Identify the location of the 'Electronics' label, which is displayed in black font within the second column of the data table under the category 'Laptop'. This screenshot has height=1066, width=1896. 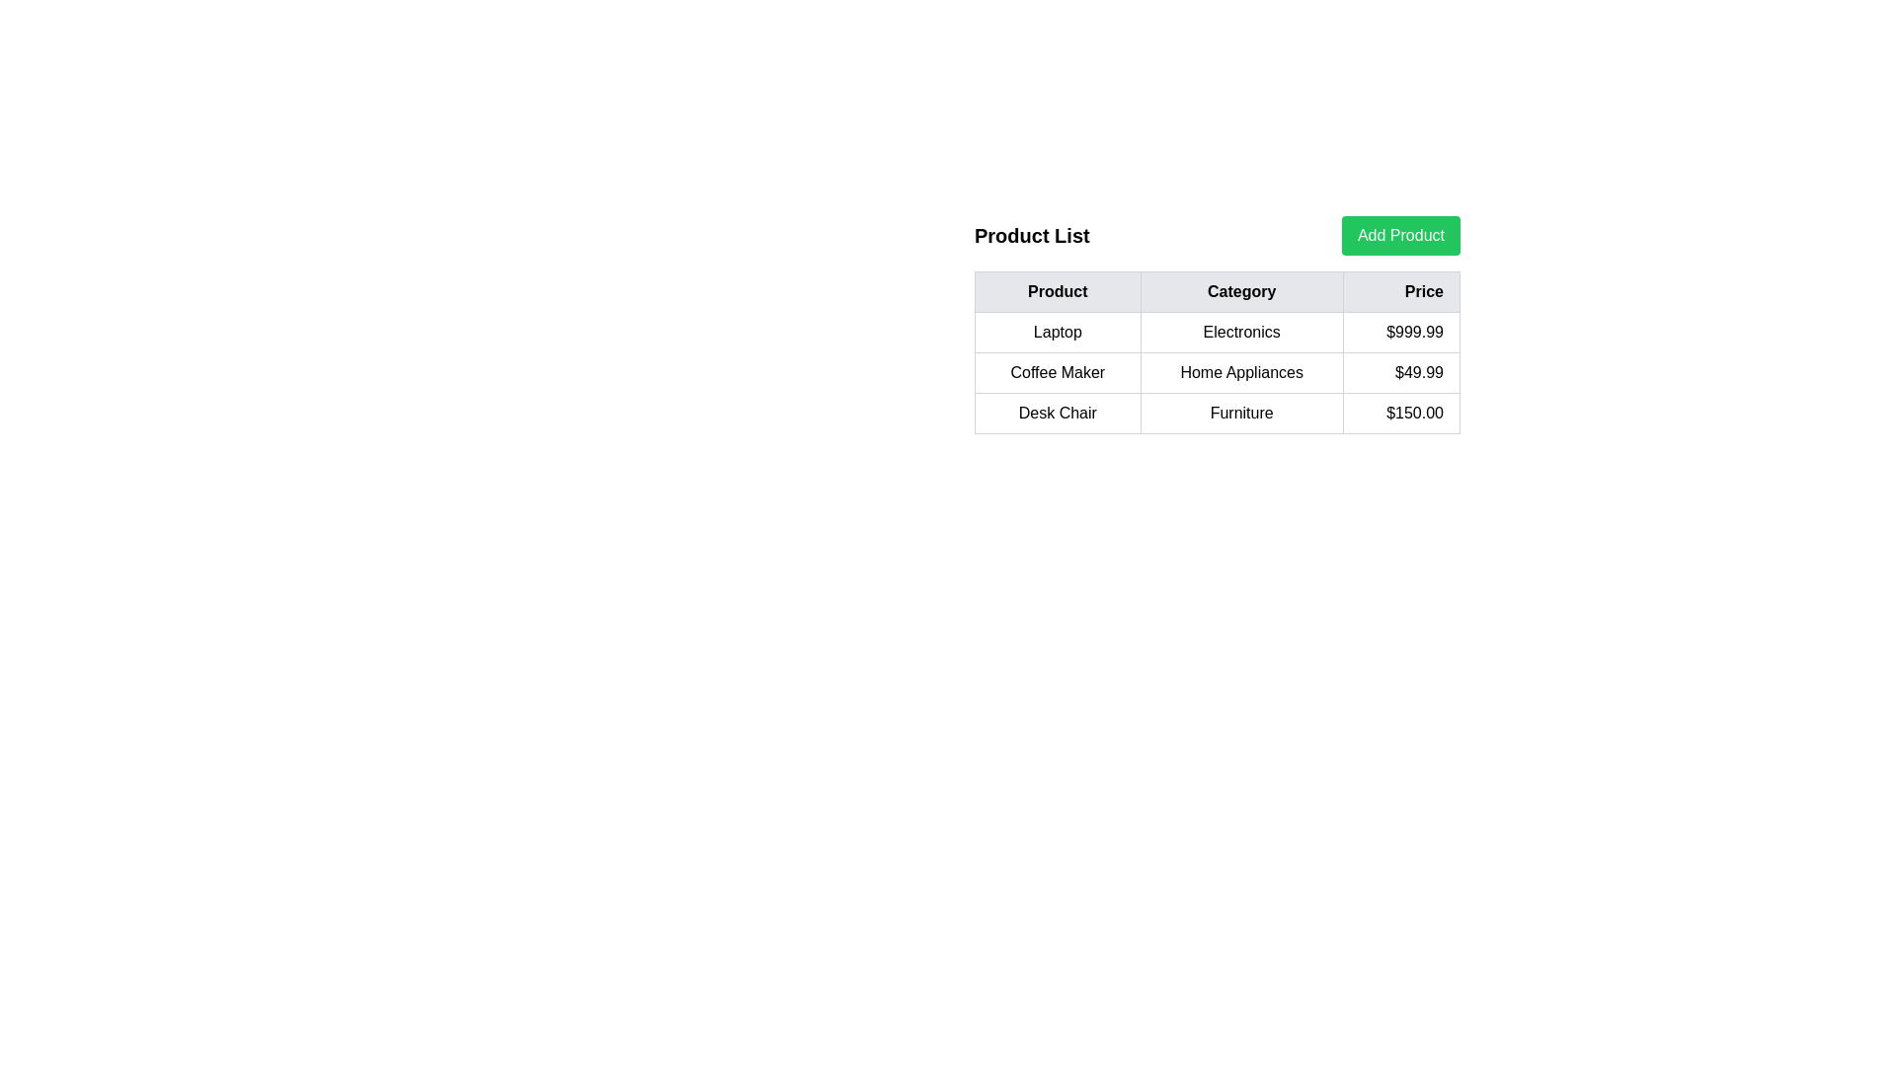
(1240, 331).